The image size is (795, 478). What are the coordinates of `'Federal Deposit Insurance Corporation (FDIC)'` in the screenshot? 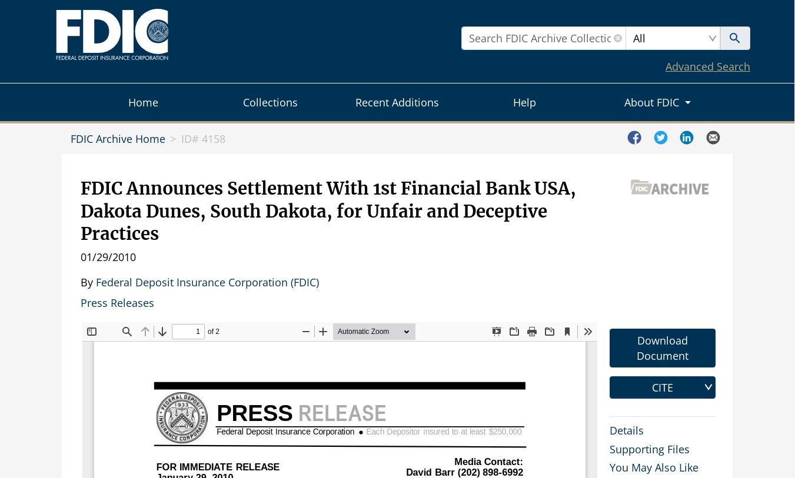 It's located at (207, 282).